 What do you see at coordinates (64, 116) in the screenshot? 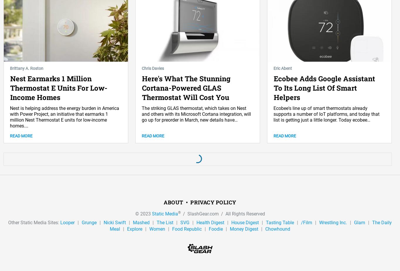
I see `'Nest is helping address the energy burden in America with Power Project, an initiative that earmarks 1 million Nest Thermostat E units for low-income homes.…'` at bounding box center [64, 116].